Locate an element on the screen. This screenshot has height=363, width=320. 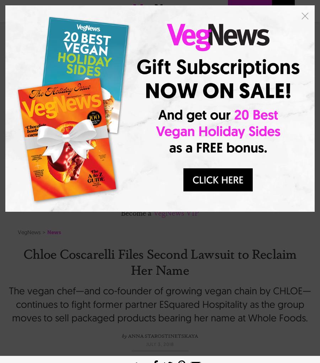
'Vegan Thanksgiving' is located at coordinates (147, 190).